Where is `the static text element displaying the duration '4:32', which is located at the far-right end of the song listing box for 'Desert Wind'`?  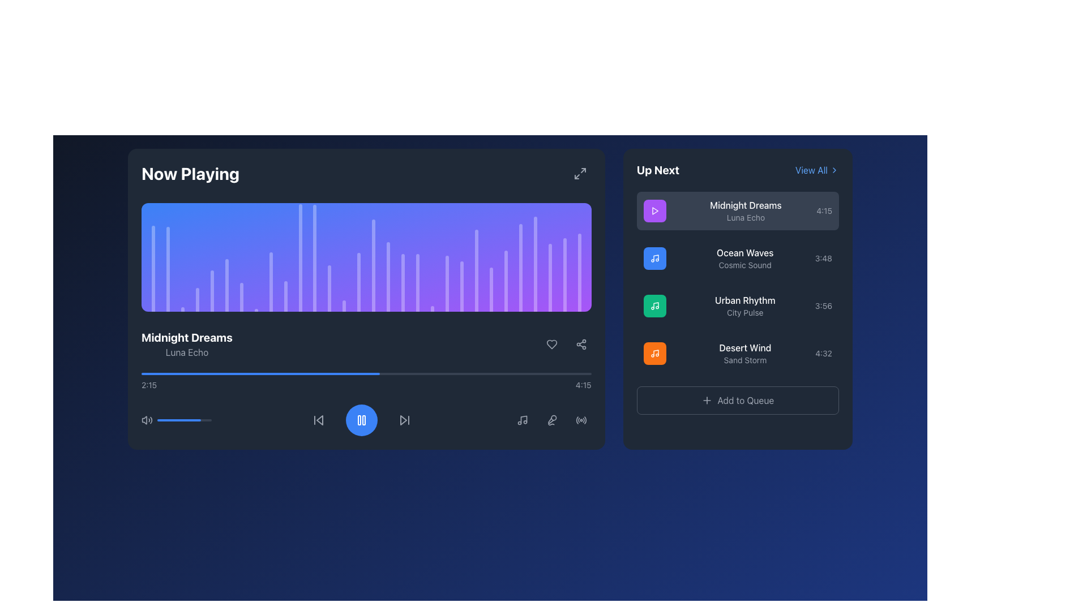 the static text element displaying the duration '4:32', which is located at the far-right end of the song listing box for 'Desert Wind' is located at coordinates (824, 352).